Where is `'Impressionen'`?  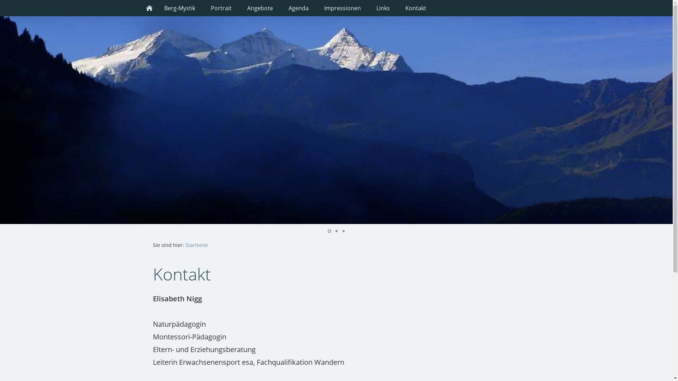 'Impressionen' is located at coordinates (342, 8).